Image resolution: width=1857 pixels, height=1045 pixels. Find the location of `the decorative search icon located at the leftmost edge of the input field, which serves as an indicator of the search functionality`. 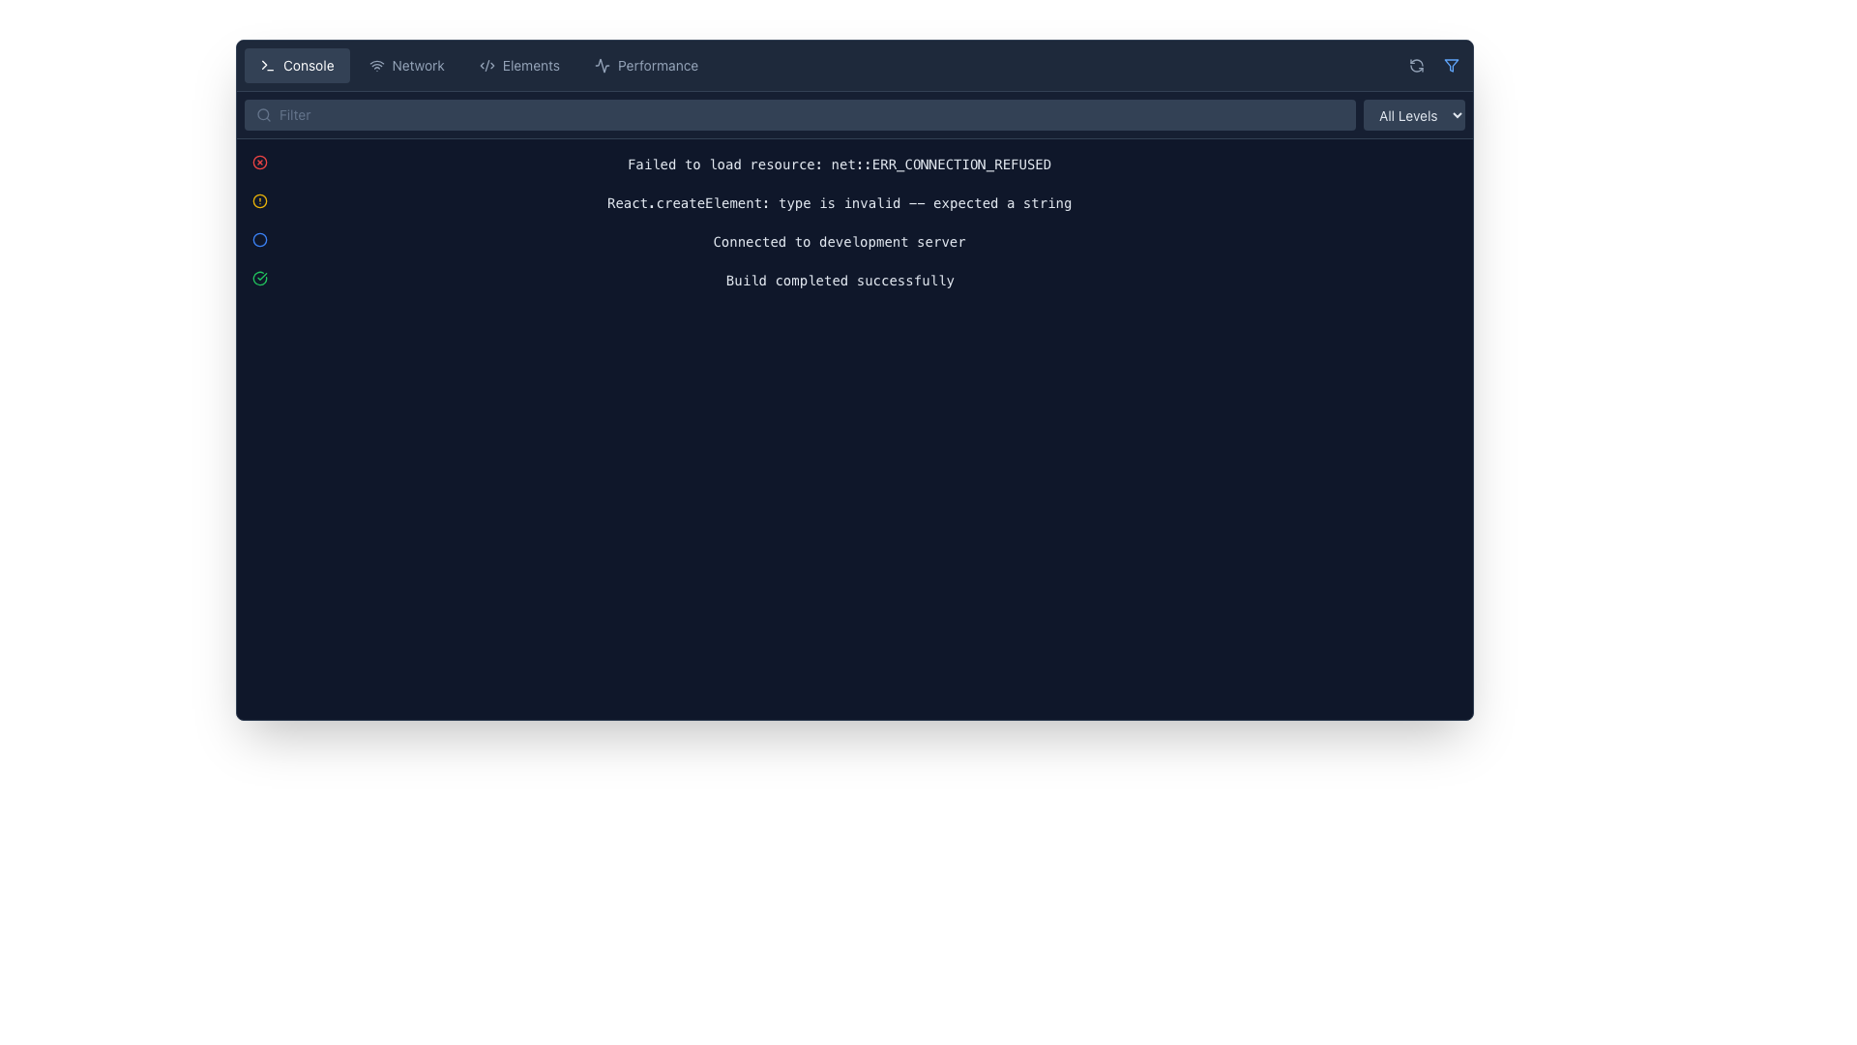

the decorative search icon located at the leftmost edge of the input field, which serves as an indicator of the search functionality is located at coordinates (263, 115).